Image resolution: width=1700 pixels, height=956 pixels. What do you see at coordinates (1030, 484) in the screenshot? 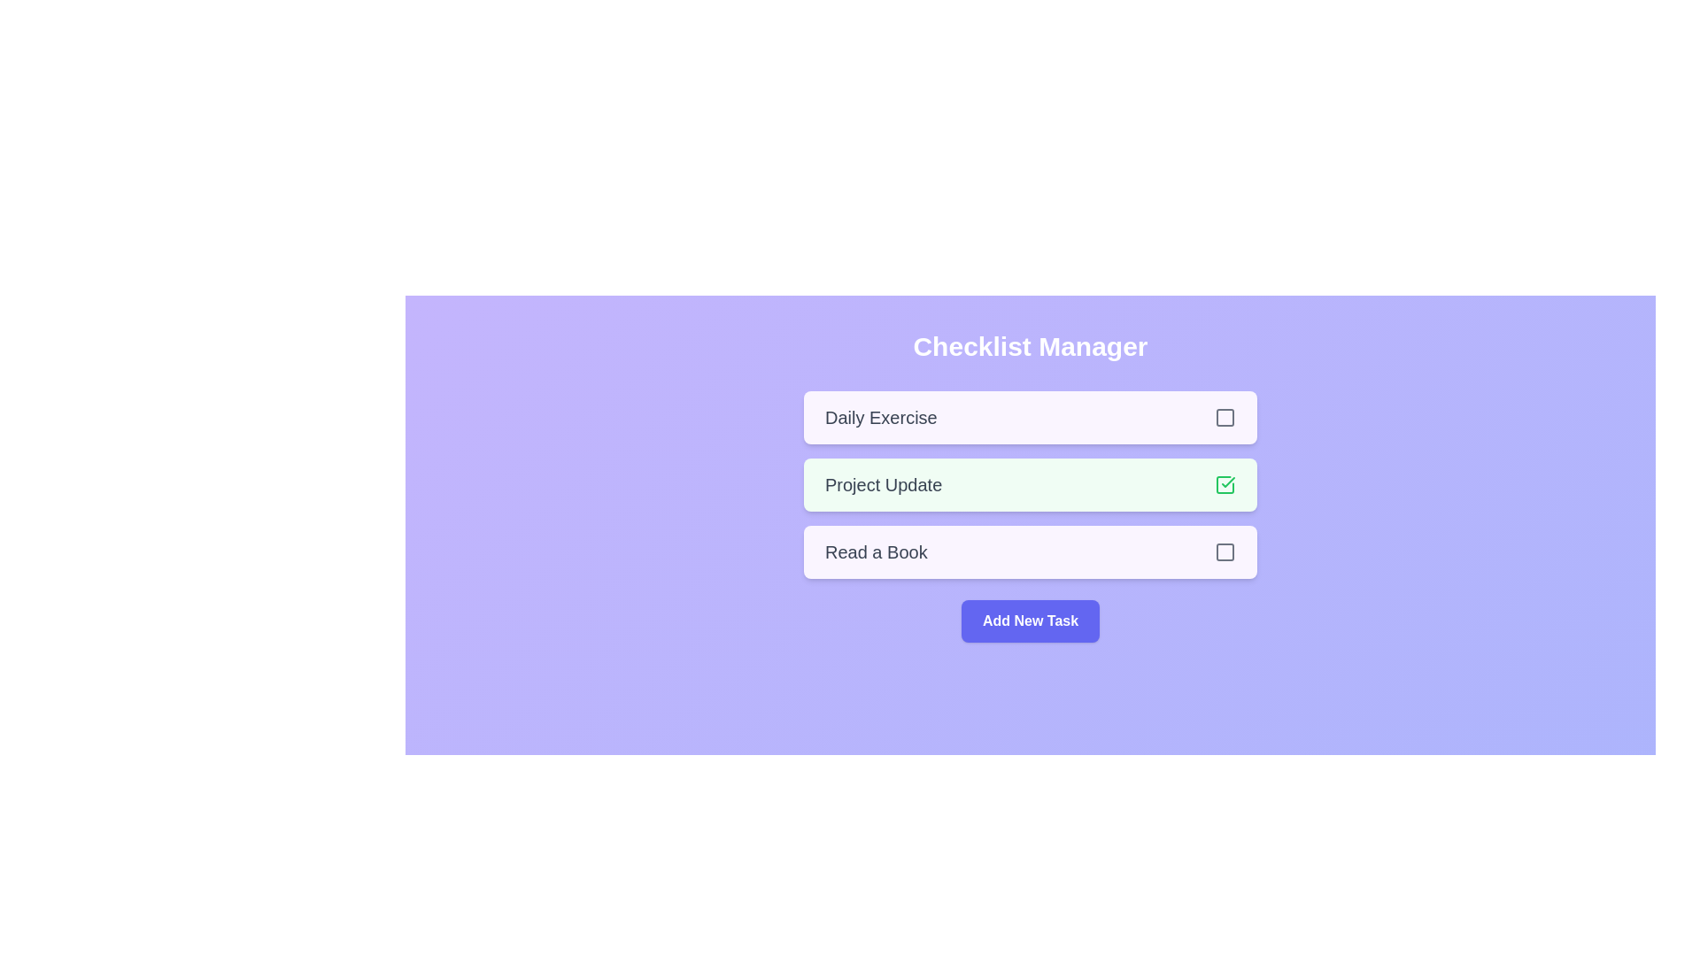
I see `the task item Project Update to observe visual feedback` at bounding box center [1030, 484].